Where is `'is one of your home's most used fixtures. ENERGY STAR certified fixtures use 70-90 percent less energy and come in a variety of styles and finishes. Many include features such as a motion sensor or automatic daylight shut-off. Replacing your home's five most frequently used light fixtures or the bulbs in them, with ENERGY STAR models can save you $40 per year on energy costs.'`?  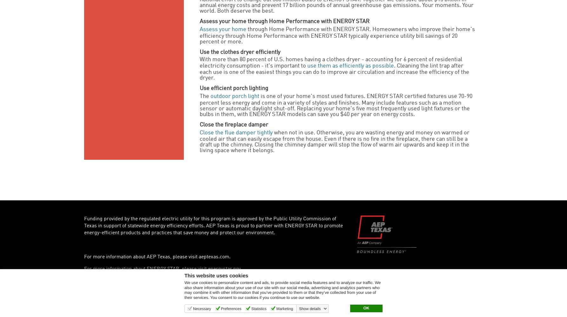 'is one of your home's most used fixtures. ENERGY STAR certified fixtures use 70-90 percent less energy and come in a variety of styles and finishes. Many include features such as a motion sensor or automatic daylight shut-off. Replacing your home's five most frequently used light fixtures or the bulbs in them, with ENERGY STAR models can save you $40 per year on energy costs.' is located at coordinates (336, 105).